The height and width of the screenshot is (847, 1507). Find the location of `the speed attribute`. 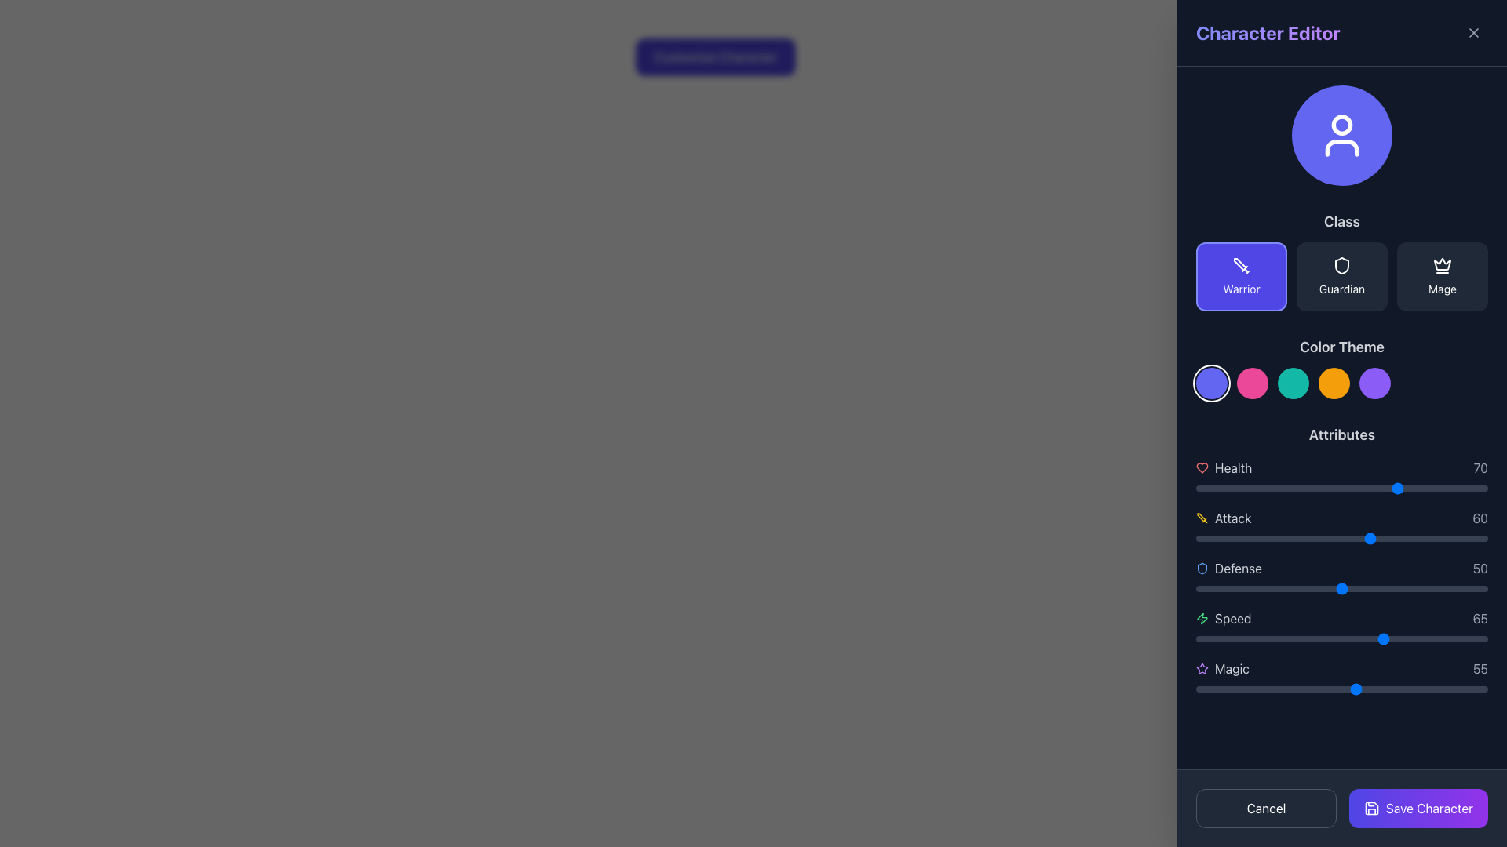

the speed attribute is located at coordinates (1275, 638).